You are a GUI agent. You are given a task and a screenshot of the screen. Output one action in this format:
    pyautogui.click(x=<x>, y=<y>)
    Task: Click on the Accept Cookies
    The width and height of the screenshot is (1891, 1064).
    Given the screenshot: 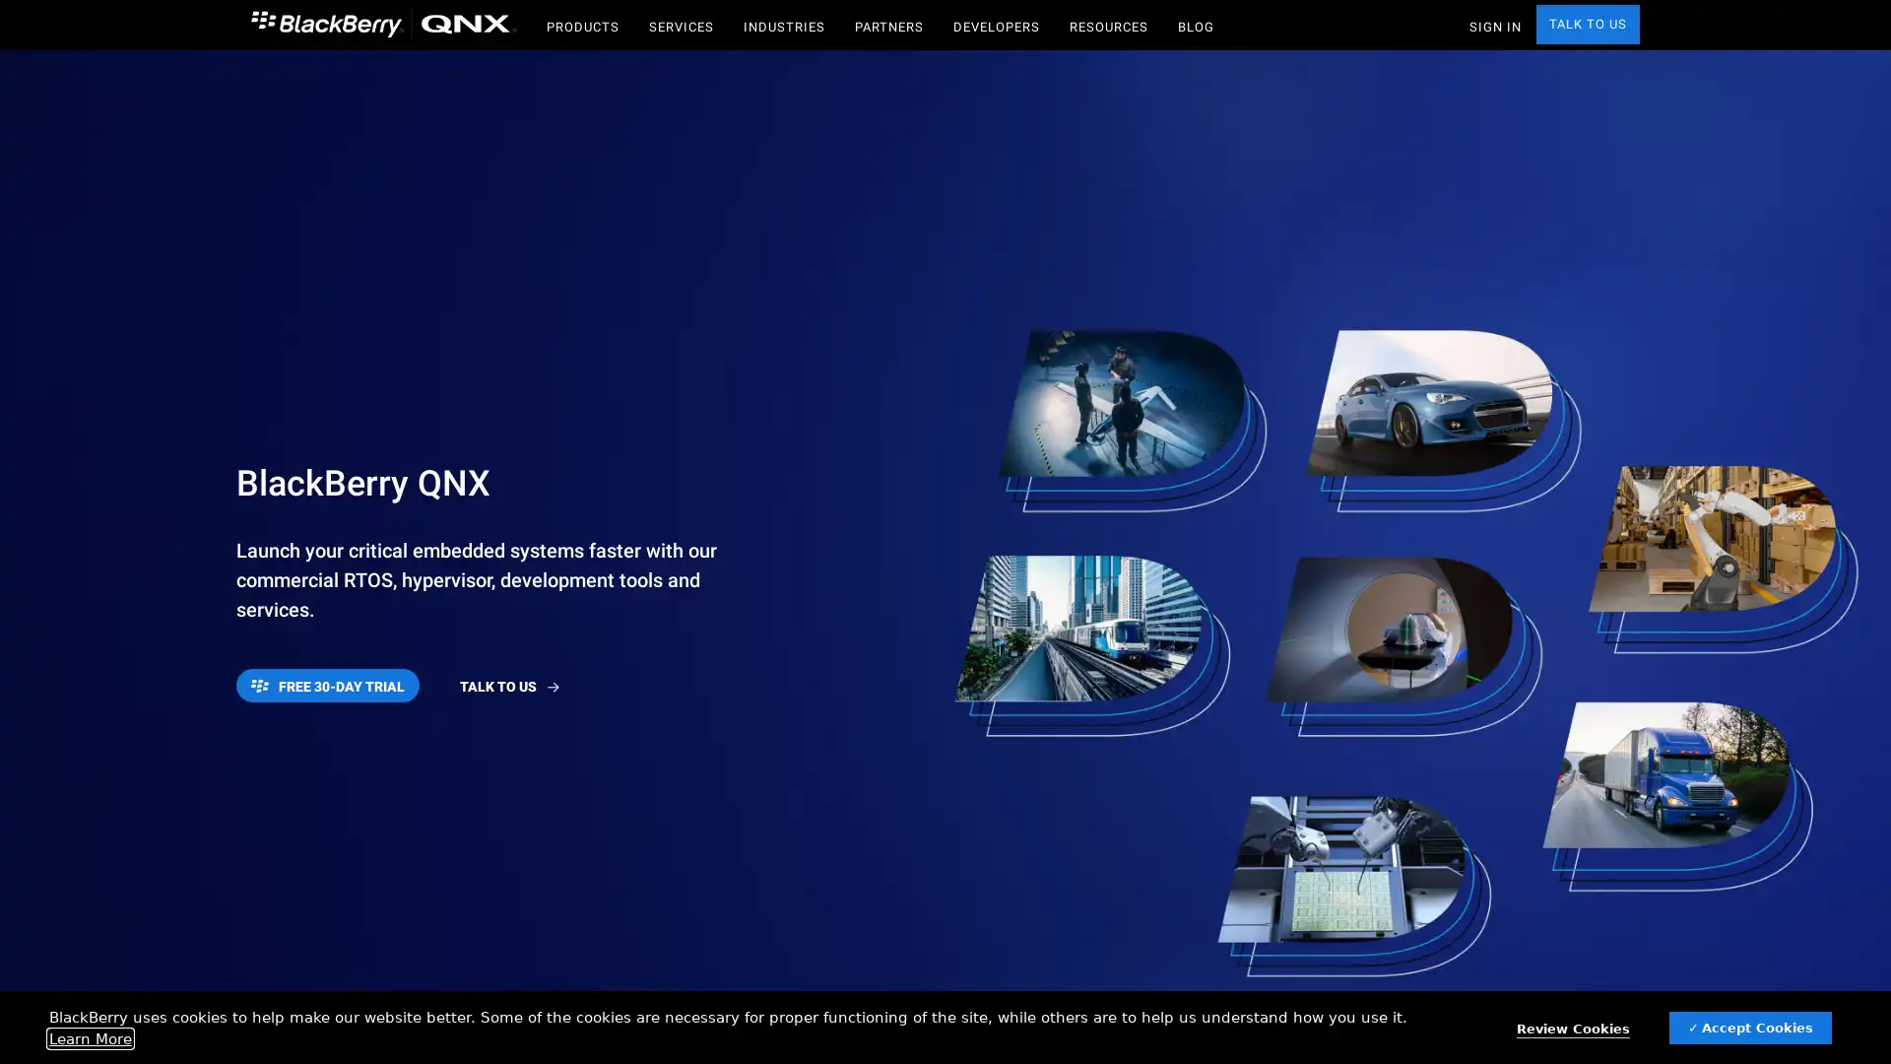 What is the action you would take?
    pyautogui.click(x=1750, y=1027)
    